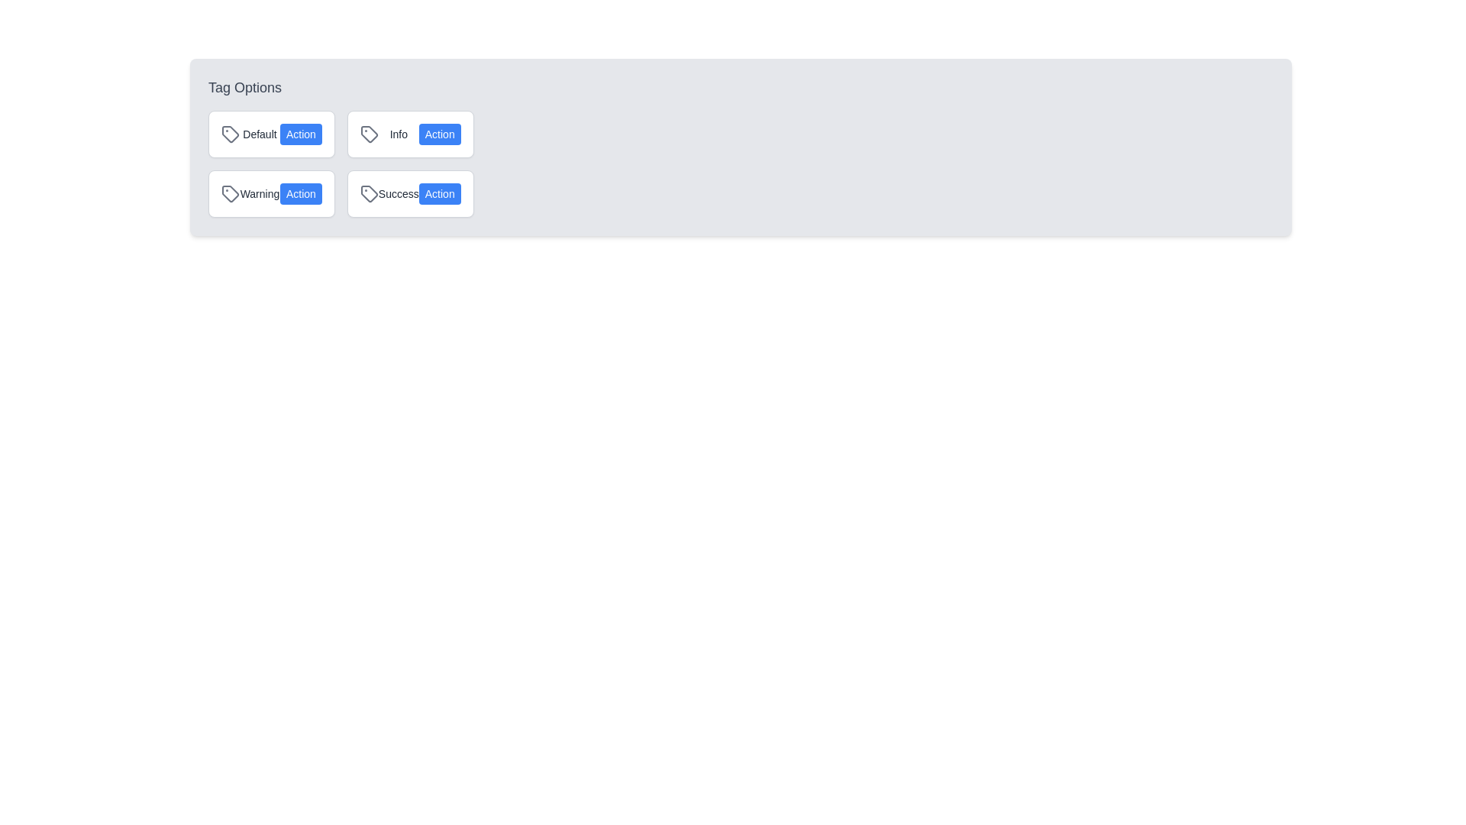 This screenshot has height=825, width=1466. I want to click on the icon within the 'Success' grouped element that includes a tag icon, a label, and an 'Action' button, located in the lower-right corner of the 'Tag Options' section, so click(410, 193).